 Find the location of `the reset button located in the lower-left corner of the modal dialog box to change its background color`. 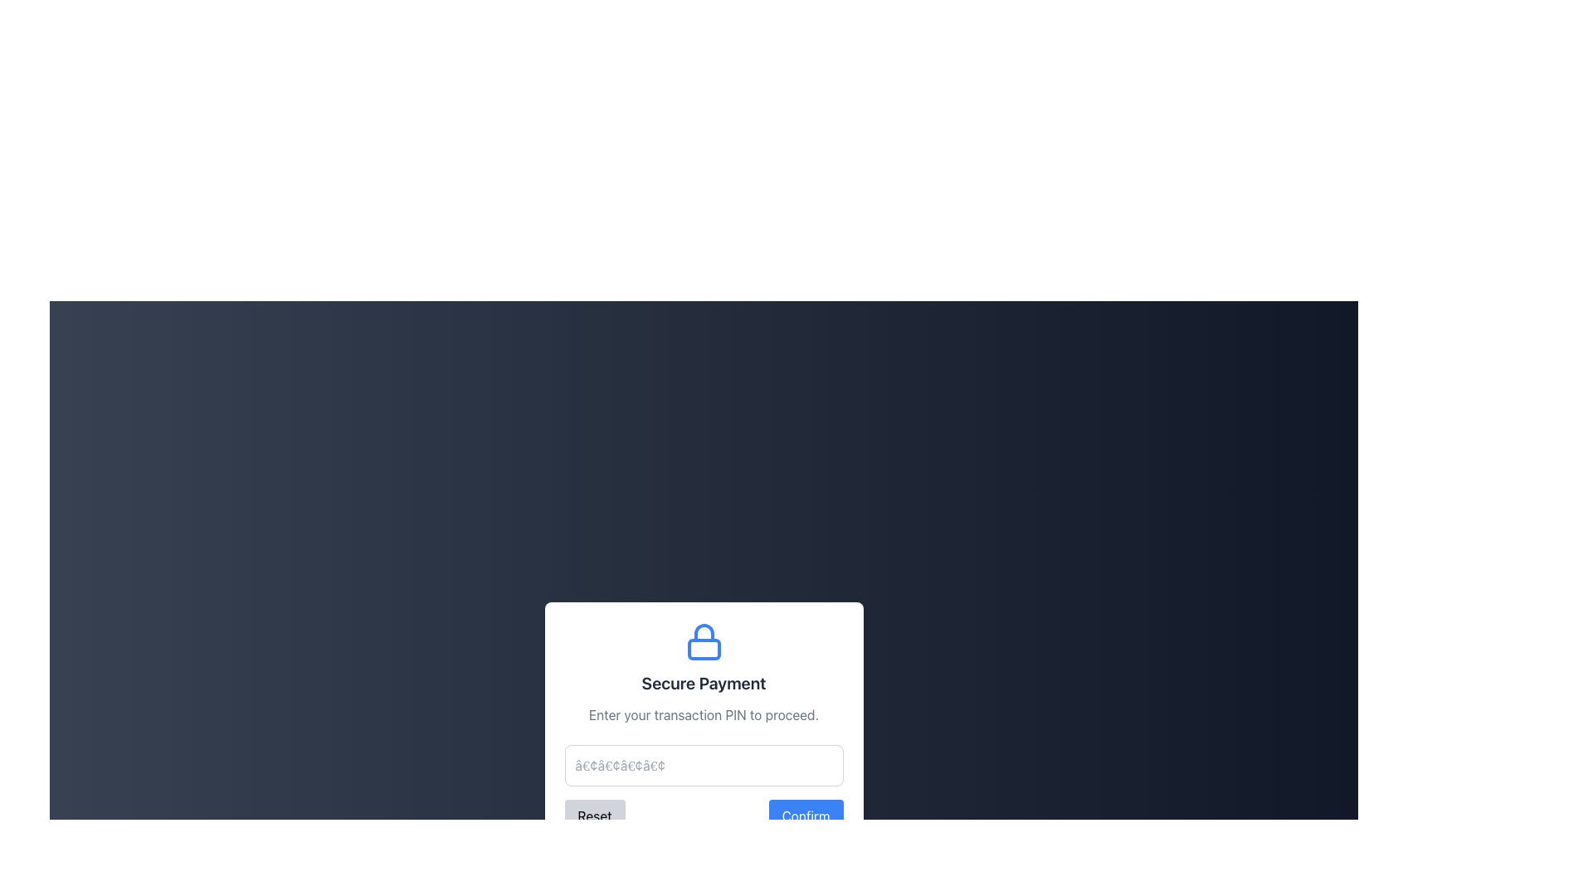

the reset button located in the lower-left corner of the modal dialog box to change its background color is located at coordinates (595, 815).